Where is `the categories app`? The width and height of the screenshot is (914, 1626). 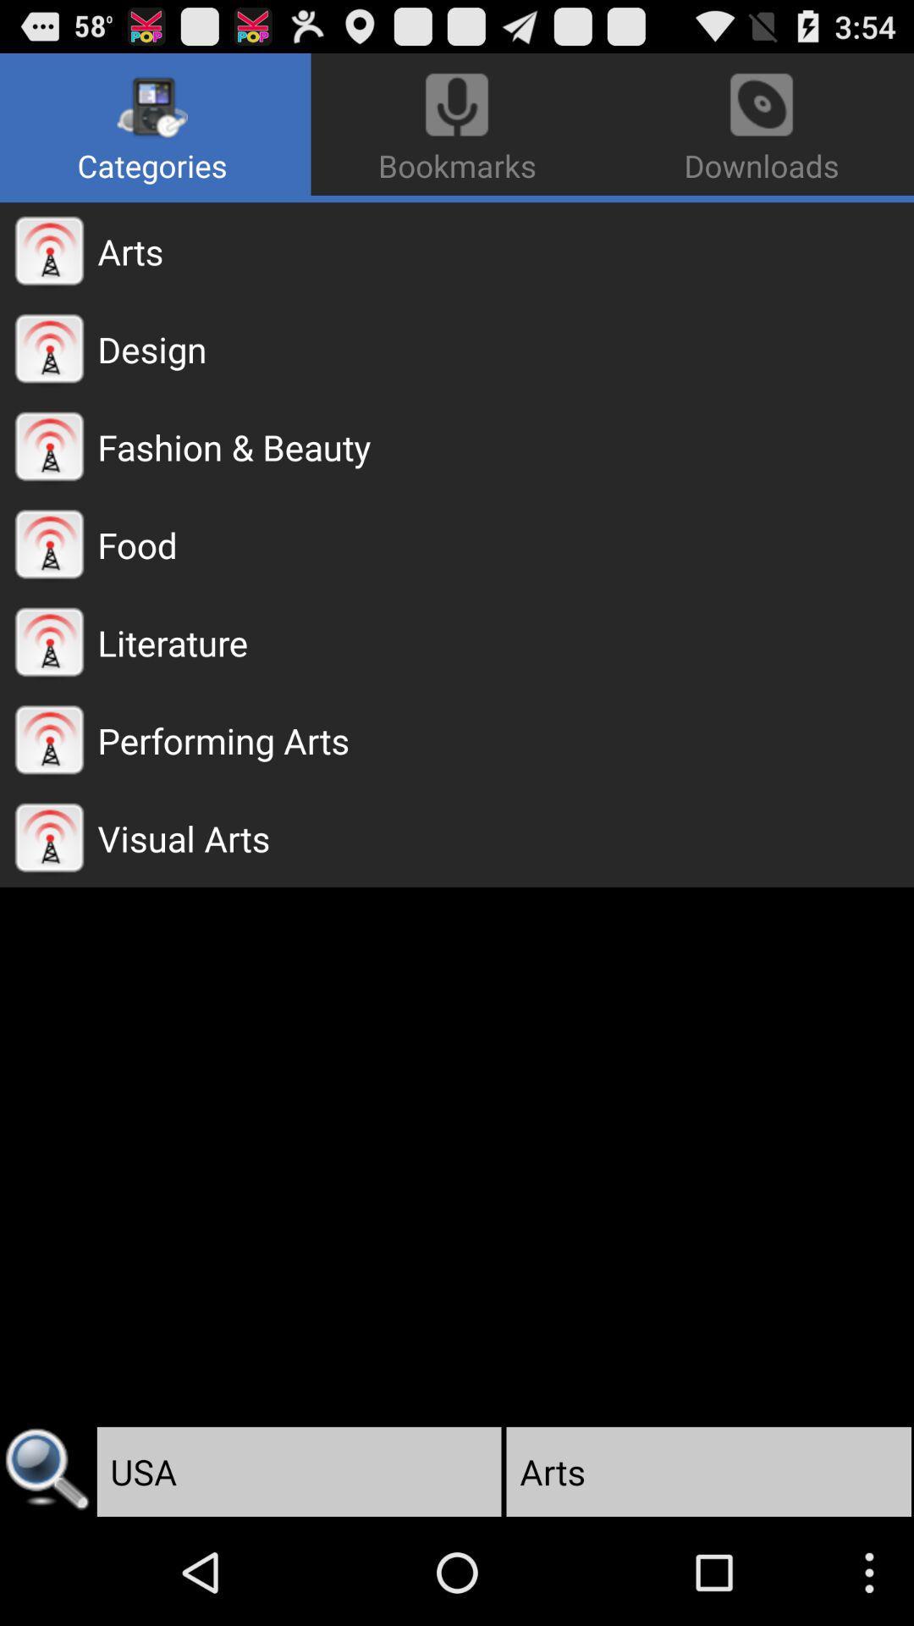 the categories app is located at coordinates (155, 124).